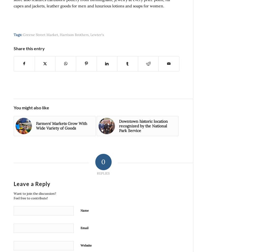  What do you see at coordinates (97, 34) in the screenshot?
I see `'Lewter's'` at bounding box center [97, 34].